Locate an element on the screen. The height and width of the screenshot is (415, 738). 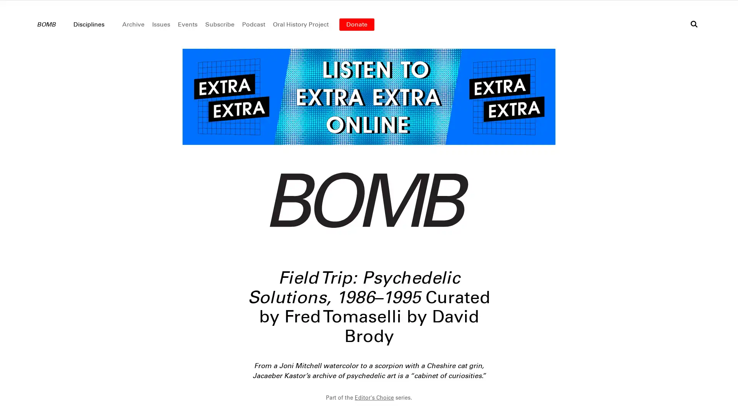
search is located at coordinates (694, 23).